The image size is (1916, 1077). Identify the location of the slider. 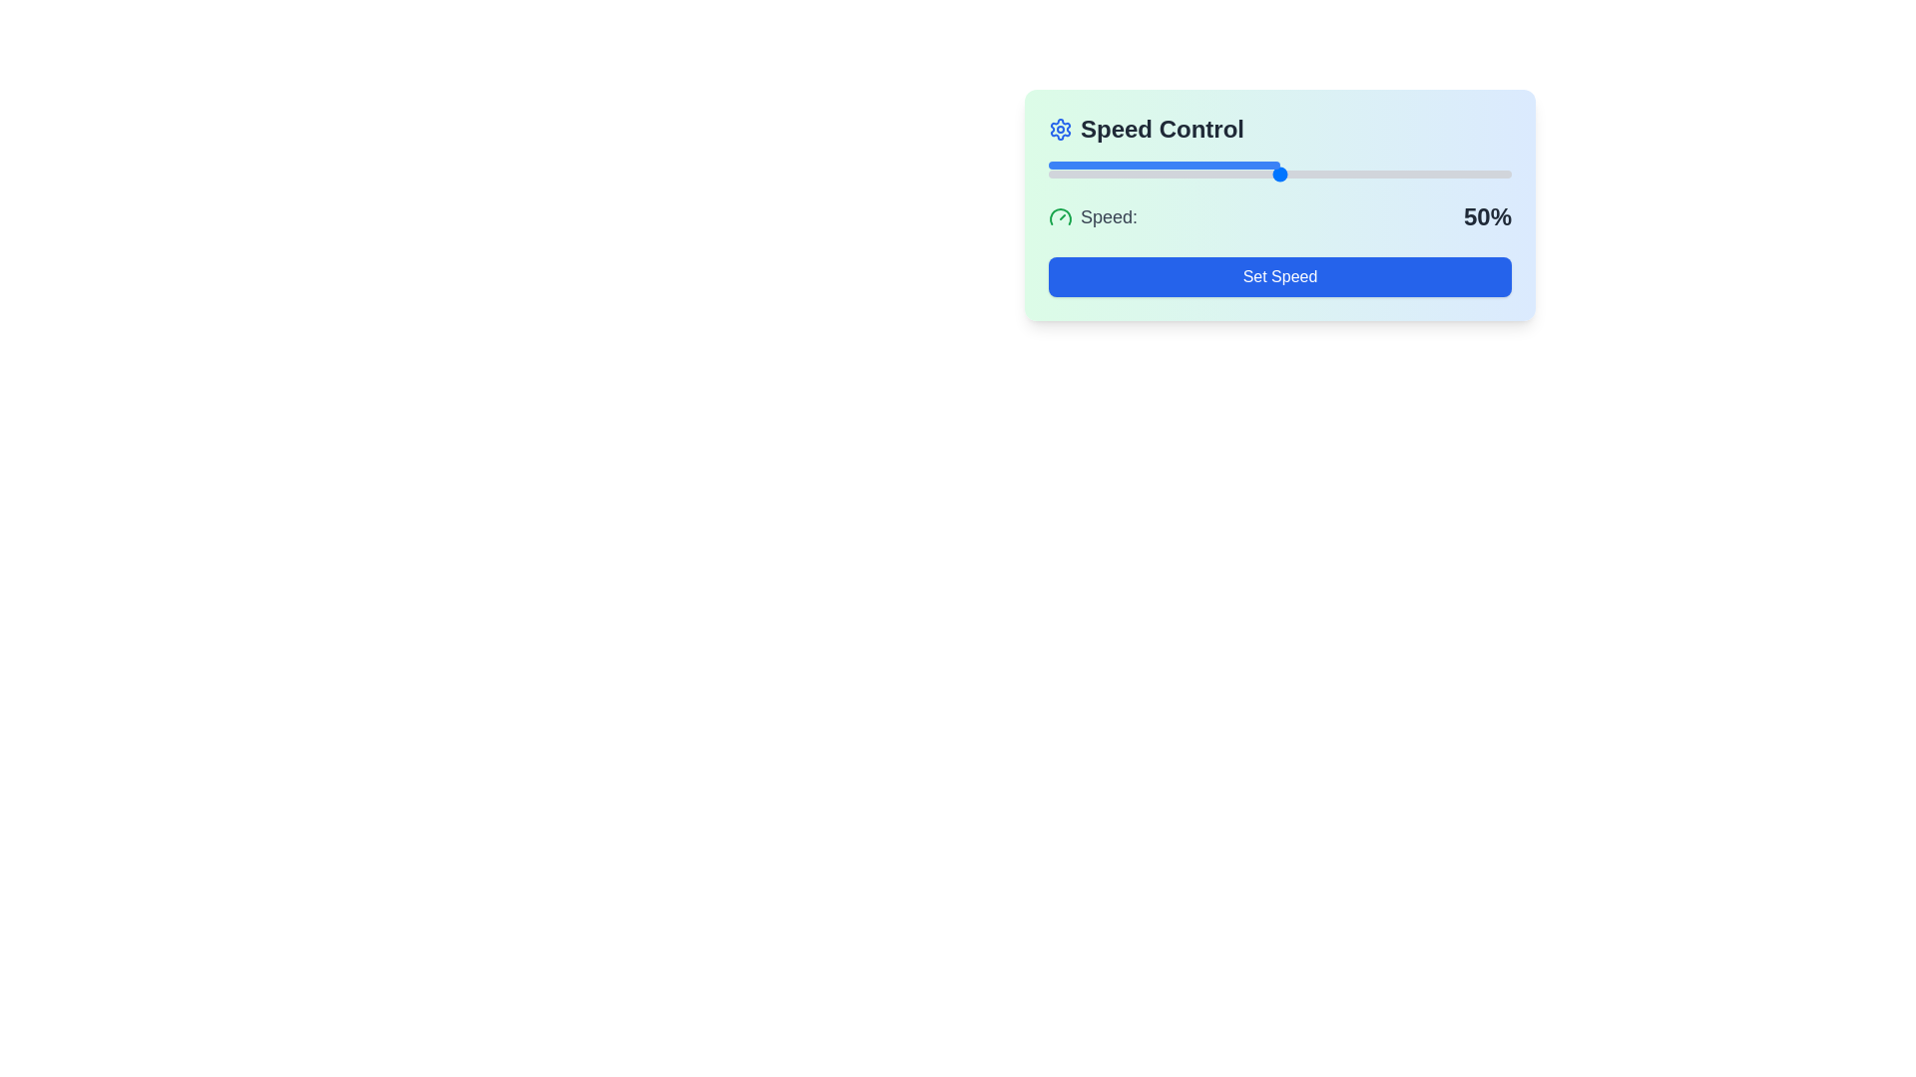
(1422, 173).